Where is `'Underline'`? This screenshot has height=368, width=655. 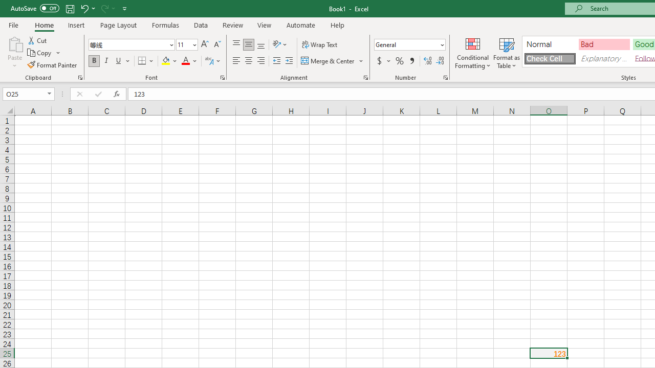
'Underline' is located at coordinates (119, 61).